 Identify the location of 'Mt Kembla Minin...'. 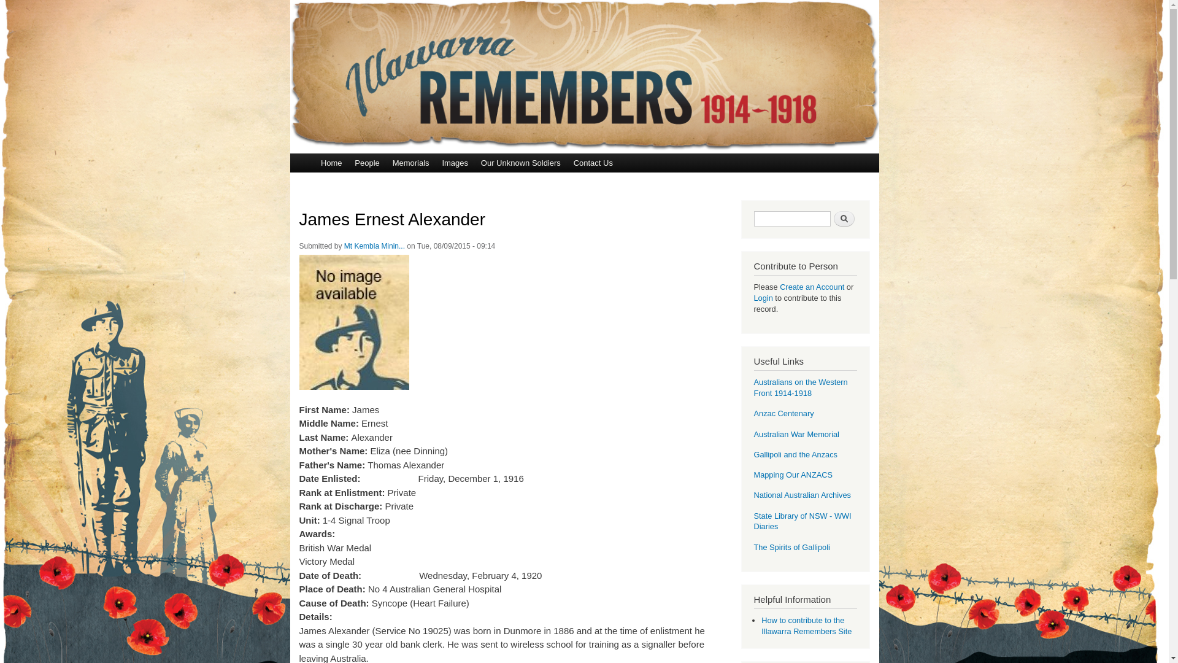
(374, 246).